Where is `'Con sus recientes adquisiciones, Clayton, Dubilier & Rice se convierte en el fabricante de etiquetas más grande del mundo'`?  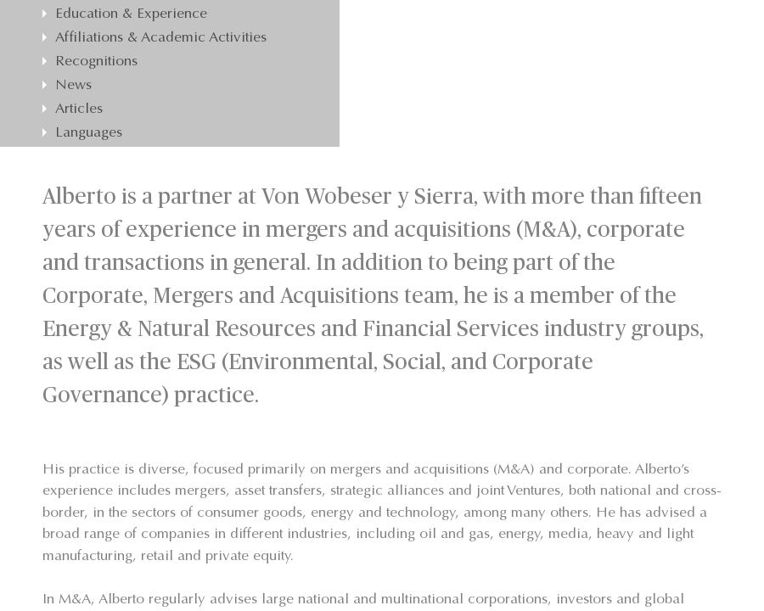 'Con sus recientes adquisiciones, Clayton, Dubilier & Rice se convierte en el fabricante de etiquetas más grande del mundo' is located at coordinates (178, 138).